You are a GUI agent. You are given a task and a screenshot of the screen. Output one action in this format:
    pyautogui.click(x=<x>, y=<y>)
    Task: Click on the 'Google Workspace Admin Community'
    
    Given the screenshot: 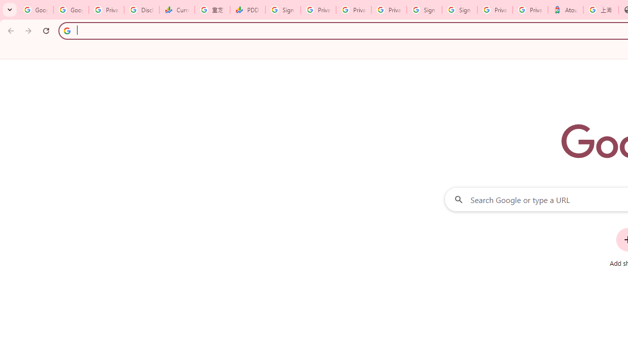 What is the action you would take?
    pyautogui.click(x=35, y=10)
    